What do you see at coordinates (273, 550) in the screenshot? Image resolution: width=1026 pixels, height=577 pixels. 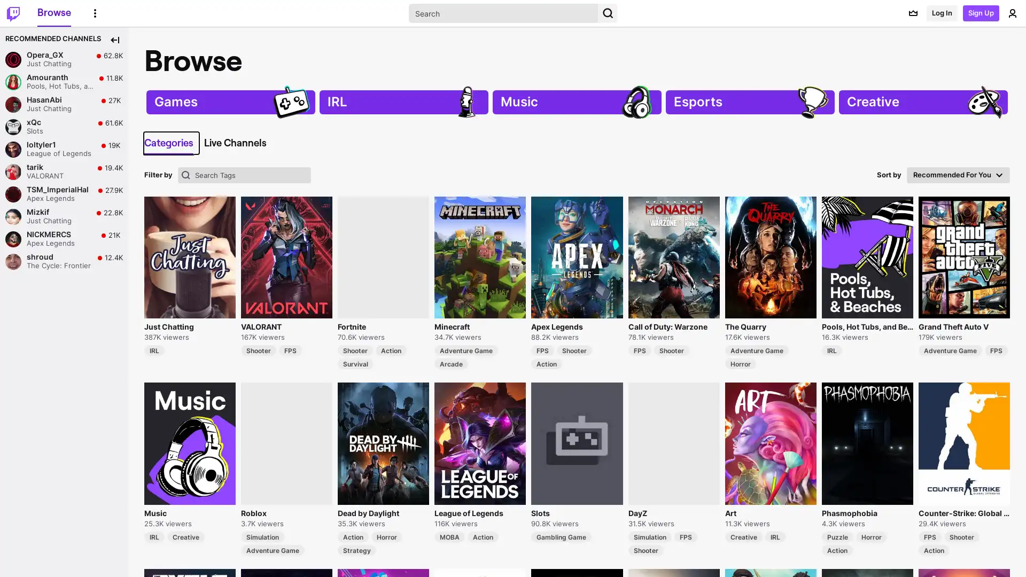 I see `Adventure Game` at bounding box center [273, 550].